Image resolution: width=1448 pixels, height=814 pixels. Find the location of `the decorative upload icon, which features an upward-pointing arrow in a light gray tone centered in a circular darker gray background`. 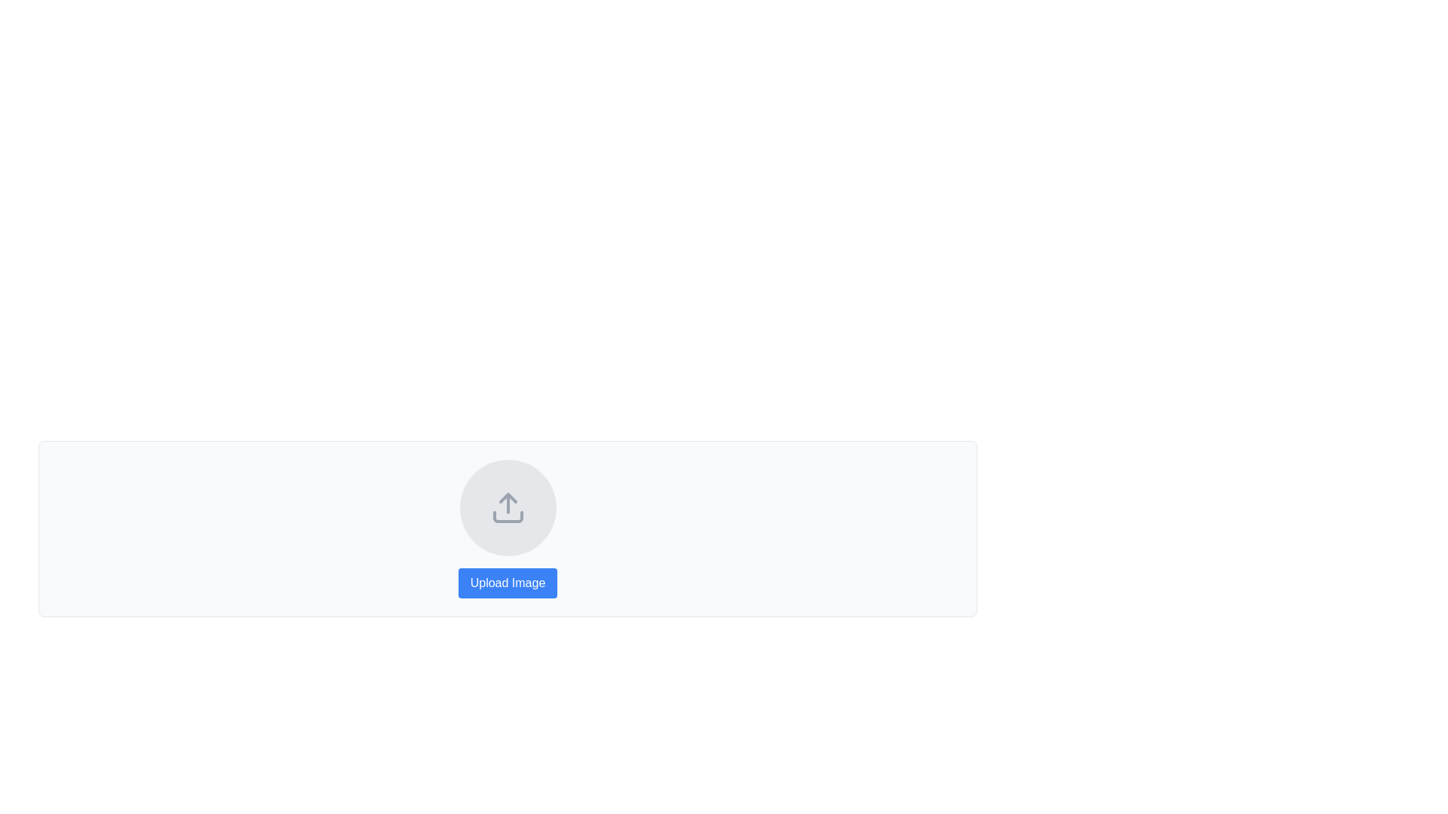

the decorative upload icon, which features an upward-pointing arrow in a light gray tone centered in a circular darker gray background is located at coordinates (508, 508).